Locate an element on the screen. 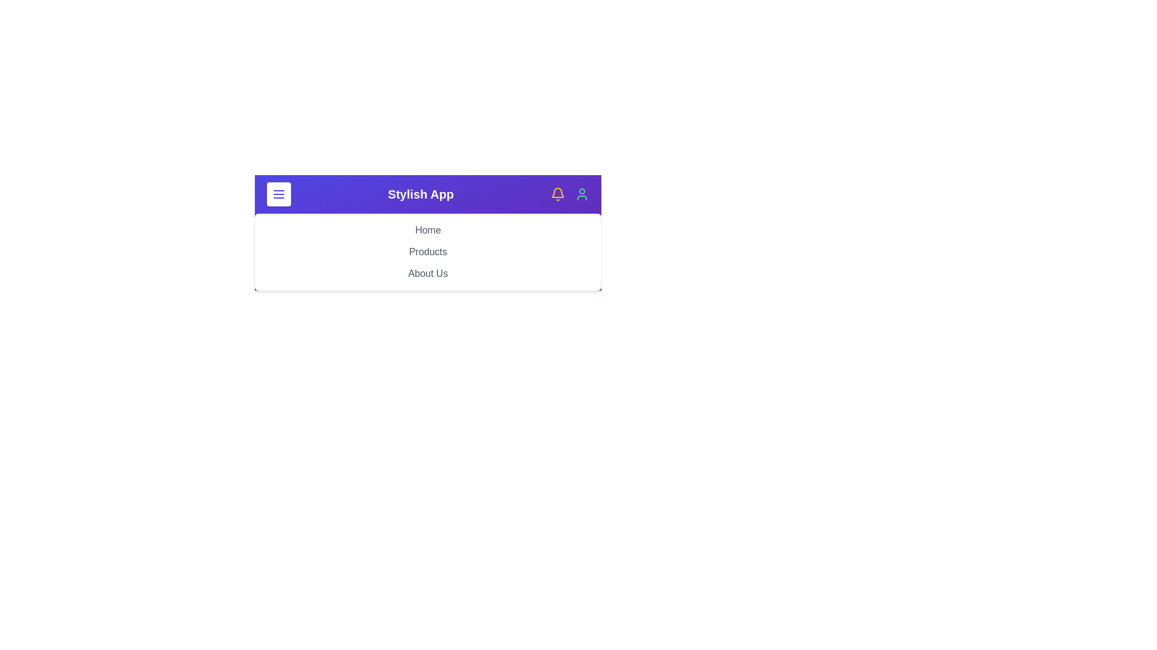  the header text 'Stylish App' to interact with it is located at coordinates (421, 194).